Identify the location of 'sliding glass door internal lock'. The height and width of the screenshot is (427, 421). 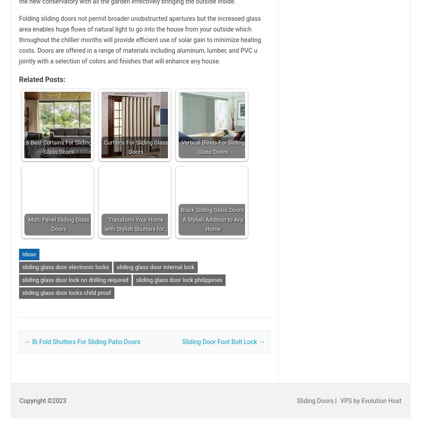
(155, 267).